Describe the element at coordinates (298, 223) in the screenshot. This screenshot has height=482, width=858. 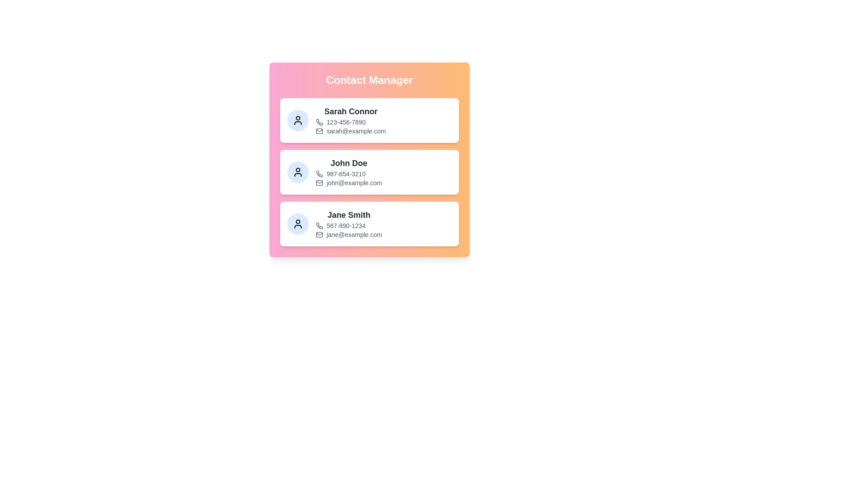
I see `the avatar of the contact specified by Jane Smith` at that location.